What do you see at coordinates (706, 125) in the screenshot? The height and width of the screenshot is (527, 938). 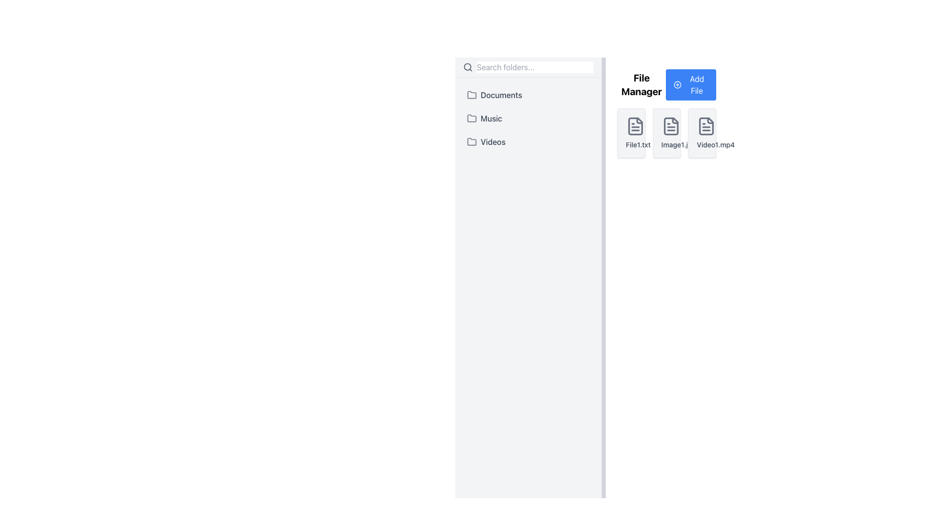 I see `the document-style file icon representing 'Video1.mp4' within the card hierarchy` at bounding box center [706, 125].